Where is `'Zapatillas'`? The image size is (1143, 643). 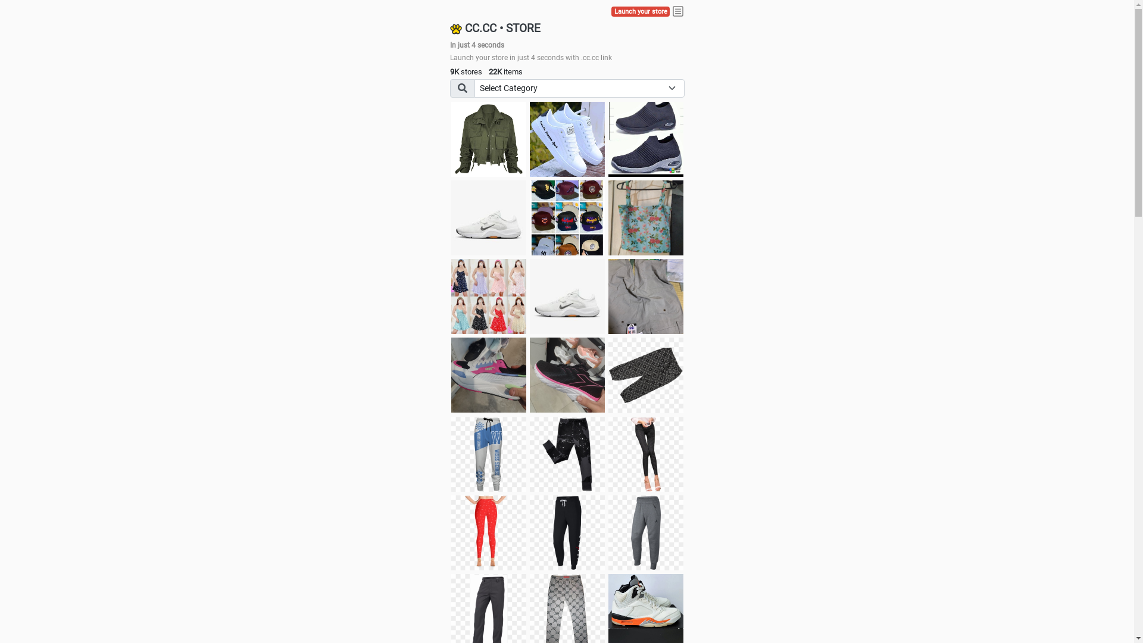
'Zapatillas' is located at coordinates (567, 374).